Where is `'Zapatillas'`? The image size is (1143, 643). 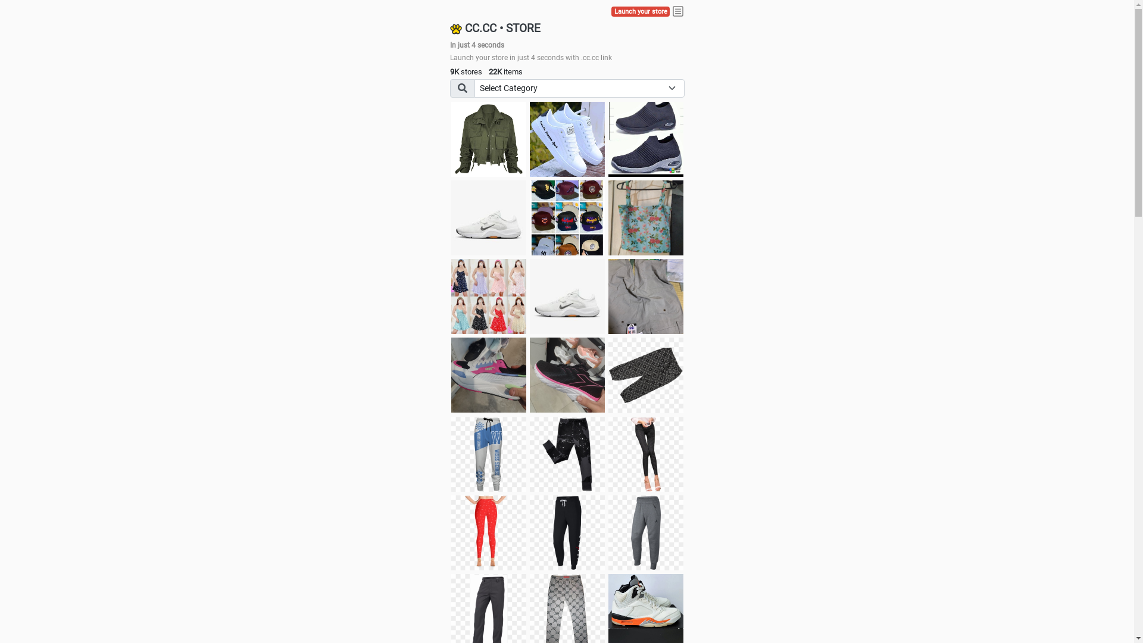
'Zapatillas' is located at coordinates (567, 374).